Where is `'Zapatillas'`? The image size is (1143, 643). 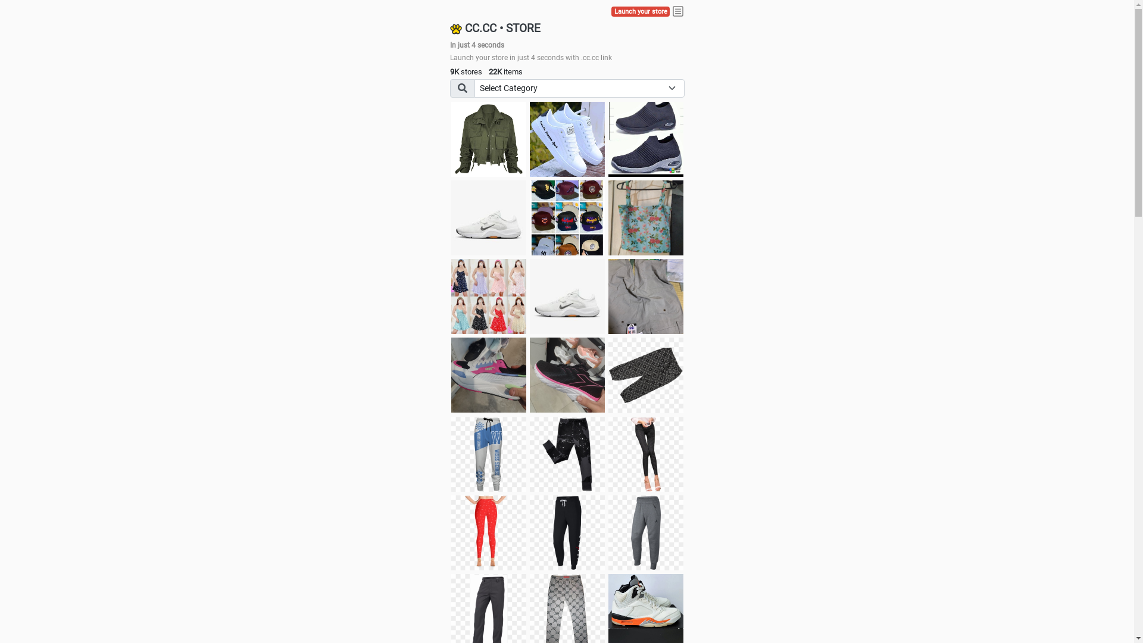
'Zapatillas' is located at coordinates (567, 374).